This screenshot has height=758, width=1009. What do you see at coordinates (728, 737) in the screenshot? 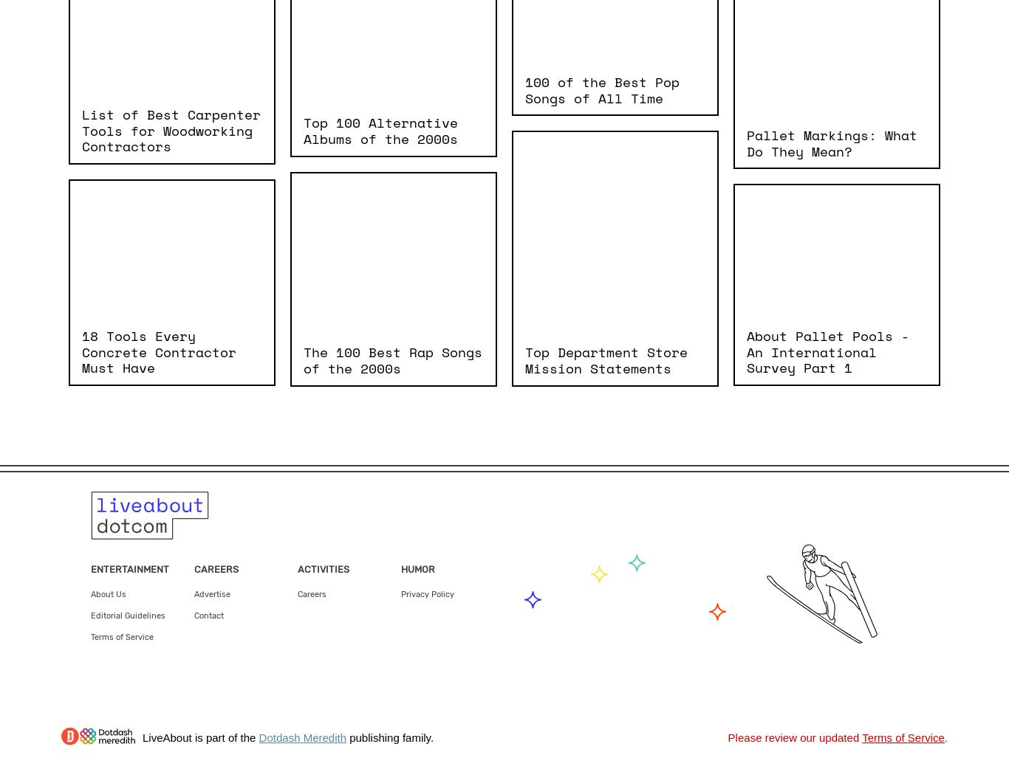
I see `'Please review our updated'` at bounding box center [728, 737].